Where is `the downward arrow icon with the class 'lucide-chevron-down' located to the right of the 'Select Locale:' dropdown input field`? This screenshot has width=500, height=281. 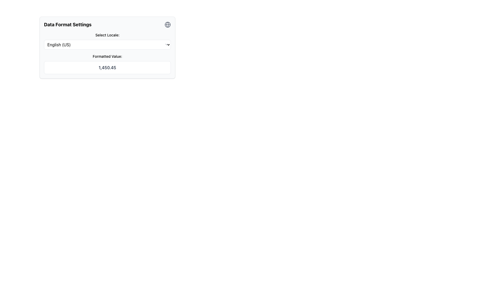 the downward arrow icon with the class 'lucide-chevron-down' located to the right of the 'Select Locale:' dropdown input field is located at coordinates (166, 44).